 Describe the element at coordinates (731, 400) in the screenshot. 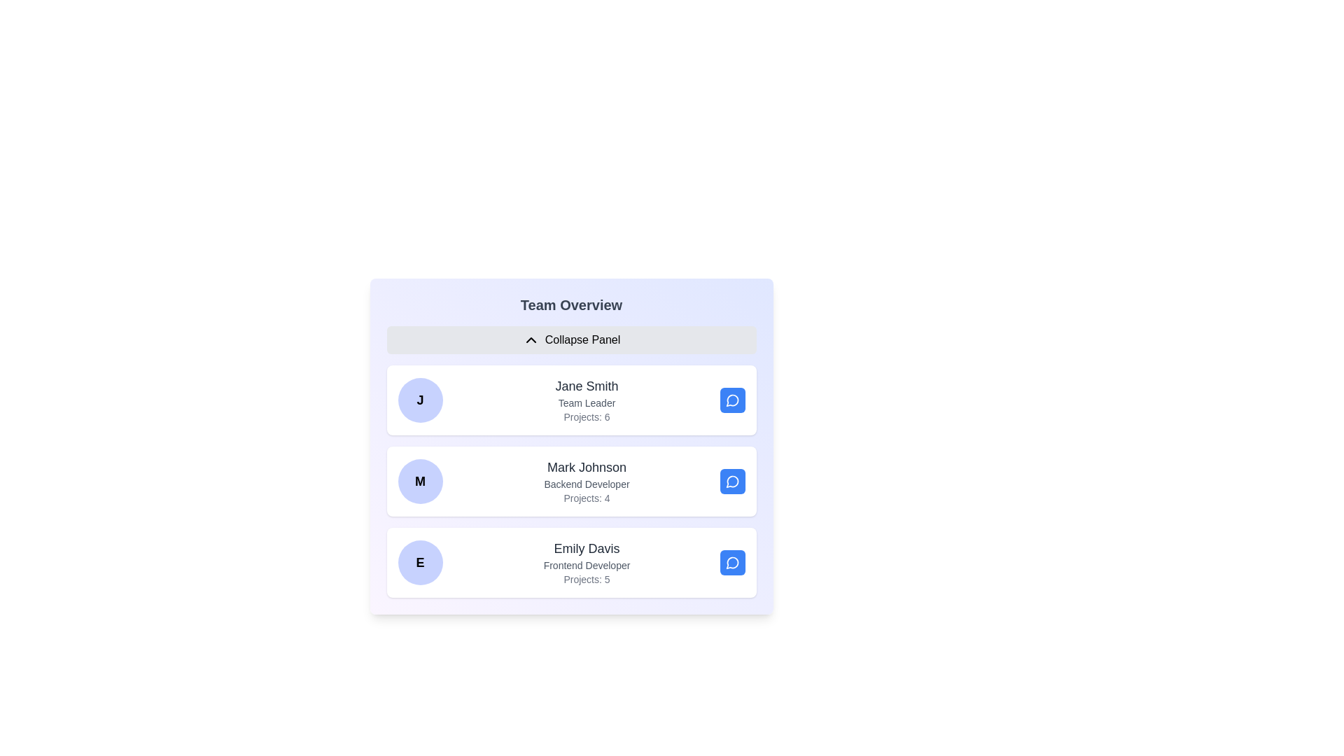

I see `the circular speech bubble icon button located in the rightmost section of the first entry for 'Jane Smith'` at that location.